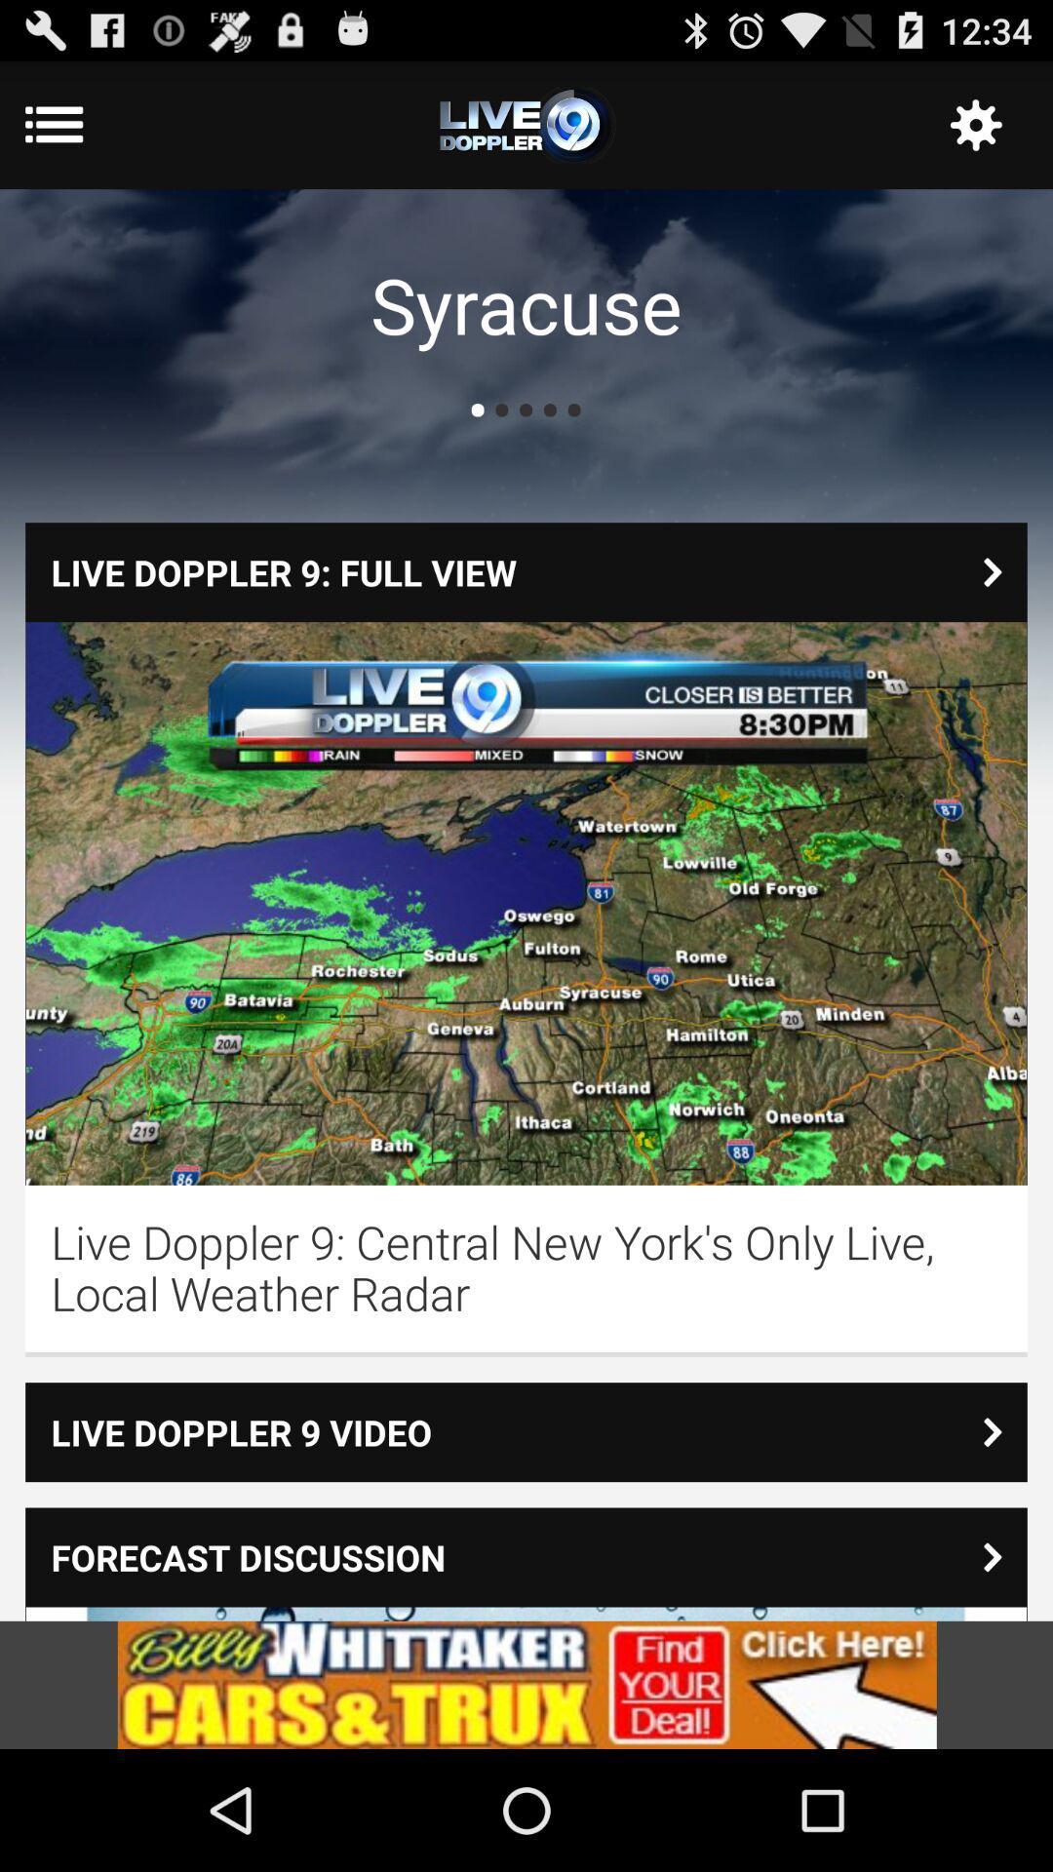 Image resolution: width=1053 pixels, height=1872 pixels. I want to click on click advertisement, so click(526, 1684).